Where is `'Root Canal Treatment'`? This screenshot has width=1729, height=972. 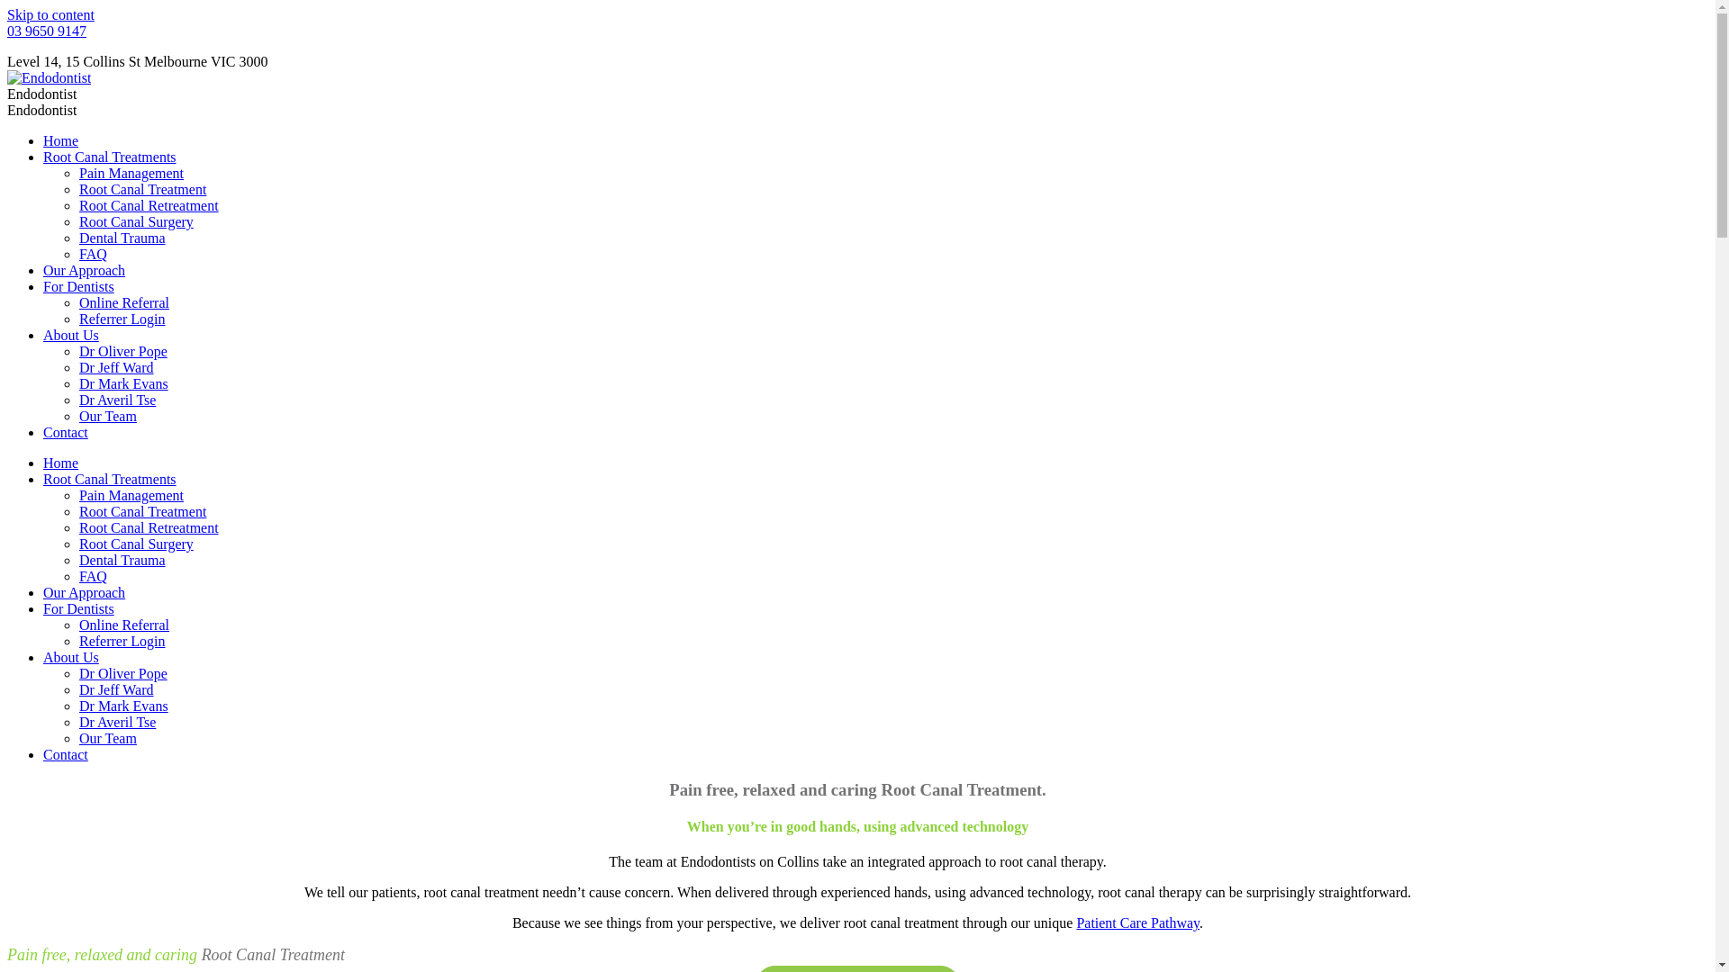 'Root Canal Treatment' is located at coordinates (141, 189).